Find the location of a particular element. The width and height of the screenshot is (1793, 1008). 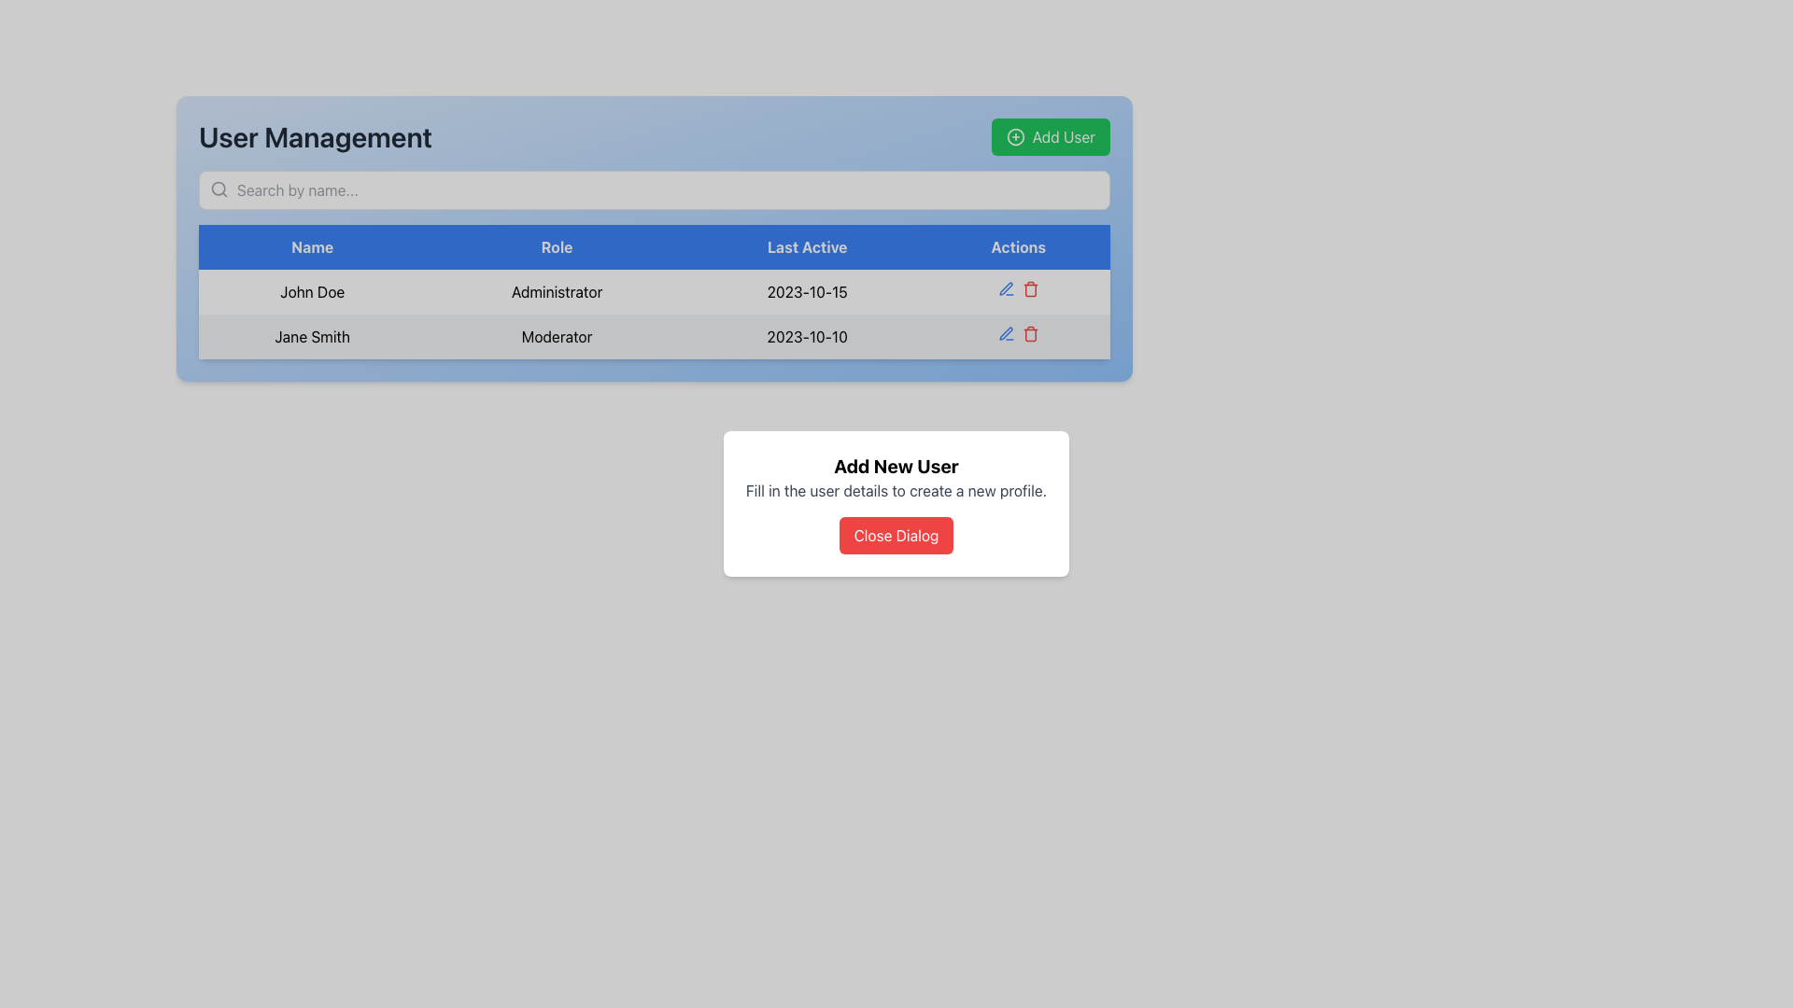

the text display element showing 'Jane Smith' in a light gray cell within the 'Name' column of the table is located at coordinates (312, 337).